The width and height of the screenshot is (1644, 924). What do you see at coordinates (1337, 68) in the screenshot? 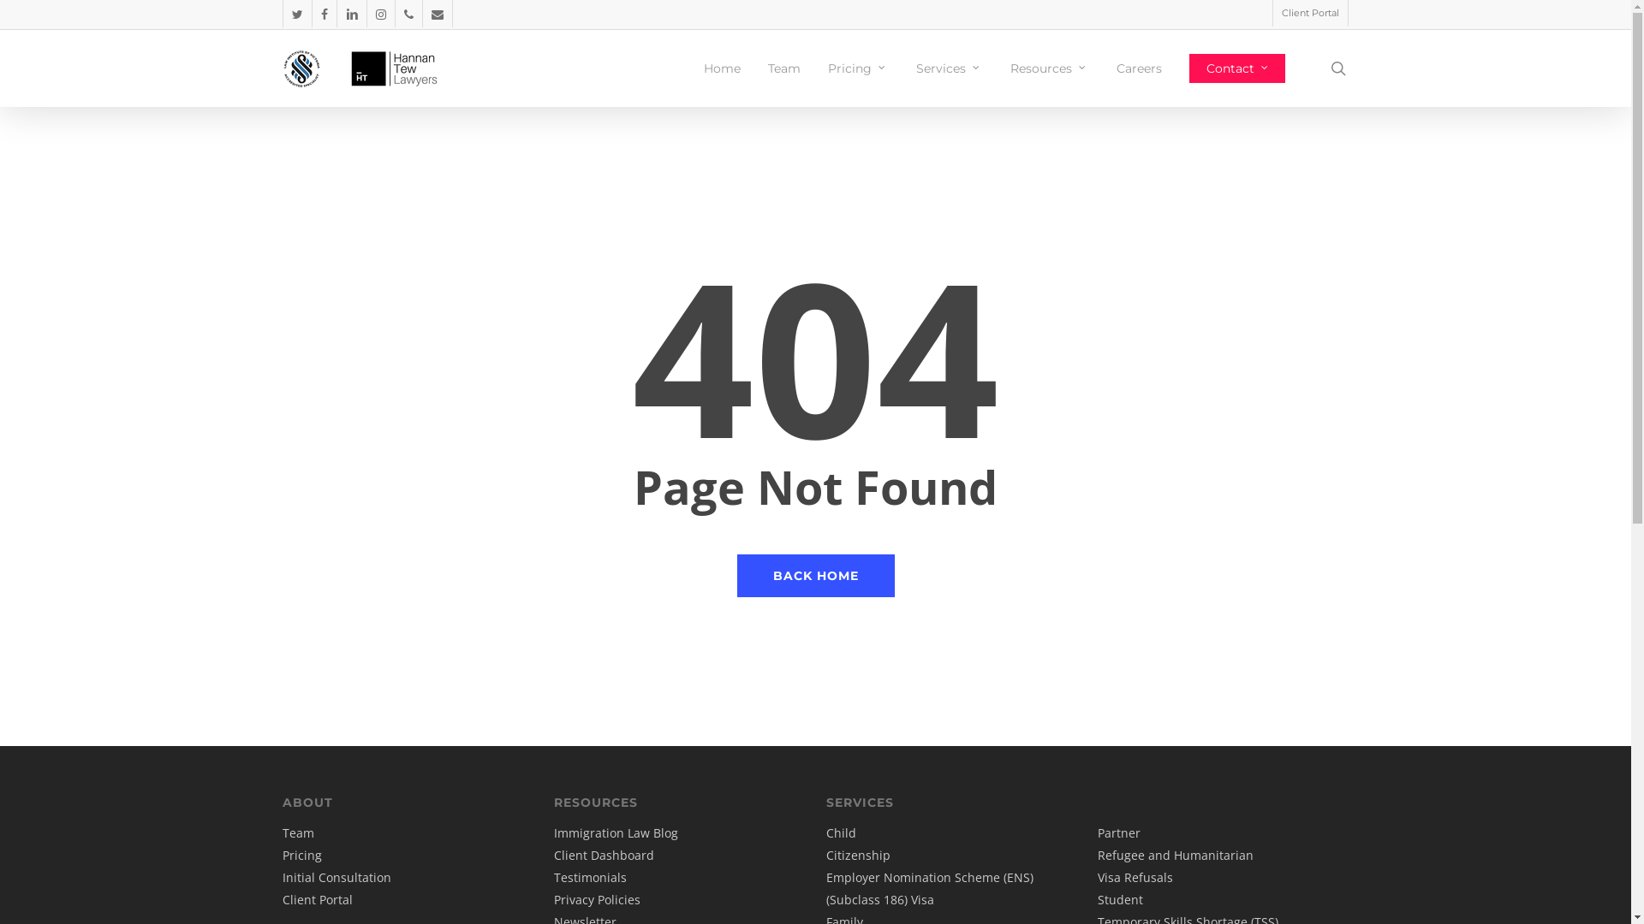
I see `'search'` at bounding box center [1337, 68].